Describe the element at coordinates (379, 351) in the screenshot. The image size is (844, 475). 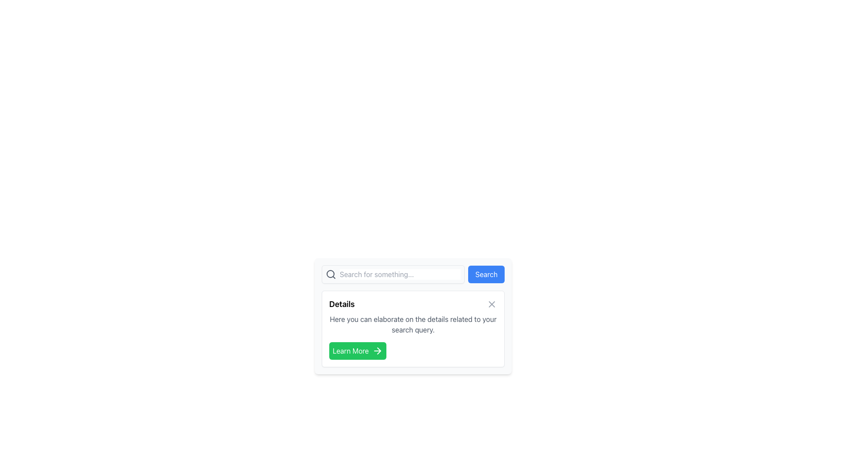
I see `the SVG arrow icon positioned to the right of the text within the interactive green 'Learn More' button to signify forward navigation` at that location.